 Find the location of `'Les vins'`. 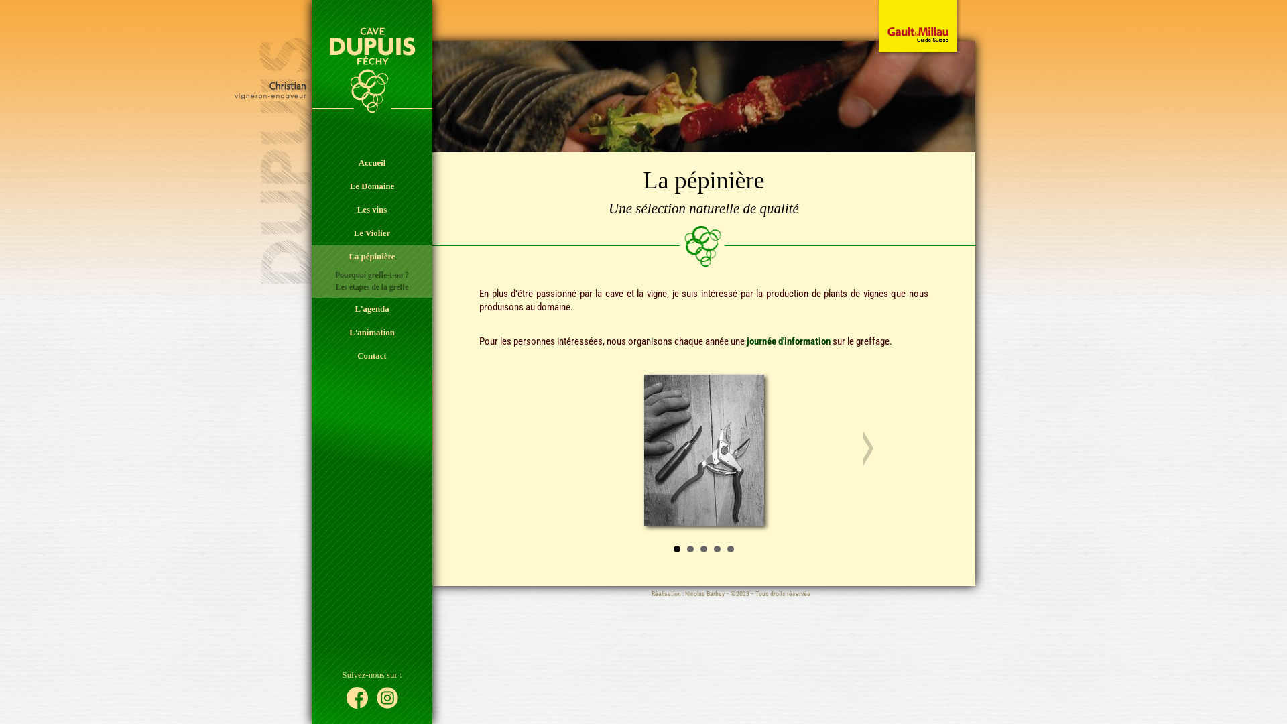

'Les vins' is located at coordinates (372, 210).